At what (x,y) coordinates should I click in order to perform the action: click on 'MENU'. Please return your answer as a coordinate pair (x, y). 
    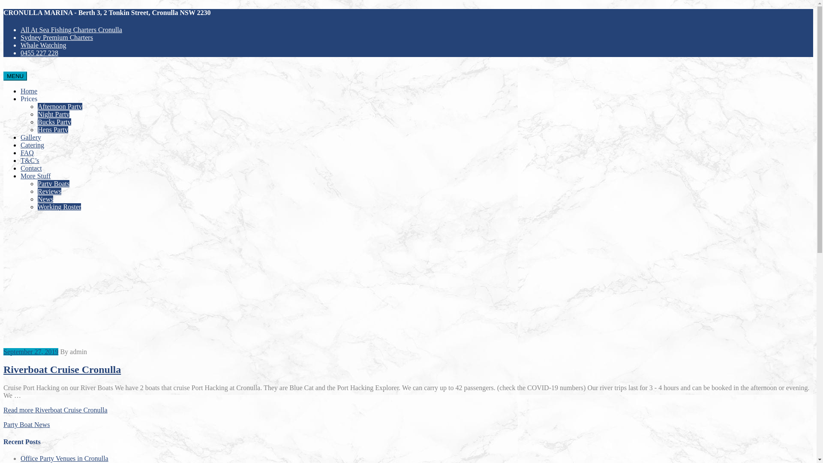
    Looking at the image, I should click on (3, 75).